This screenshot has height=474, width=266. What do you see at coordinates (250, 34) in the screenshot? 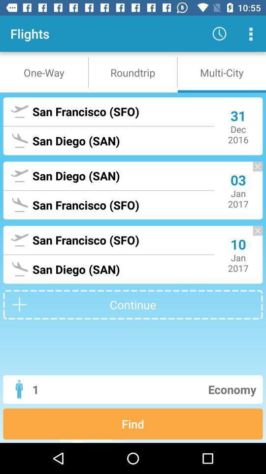
I see `menu` at bounding box center [250, 34].